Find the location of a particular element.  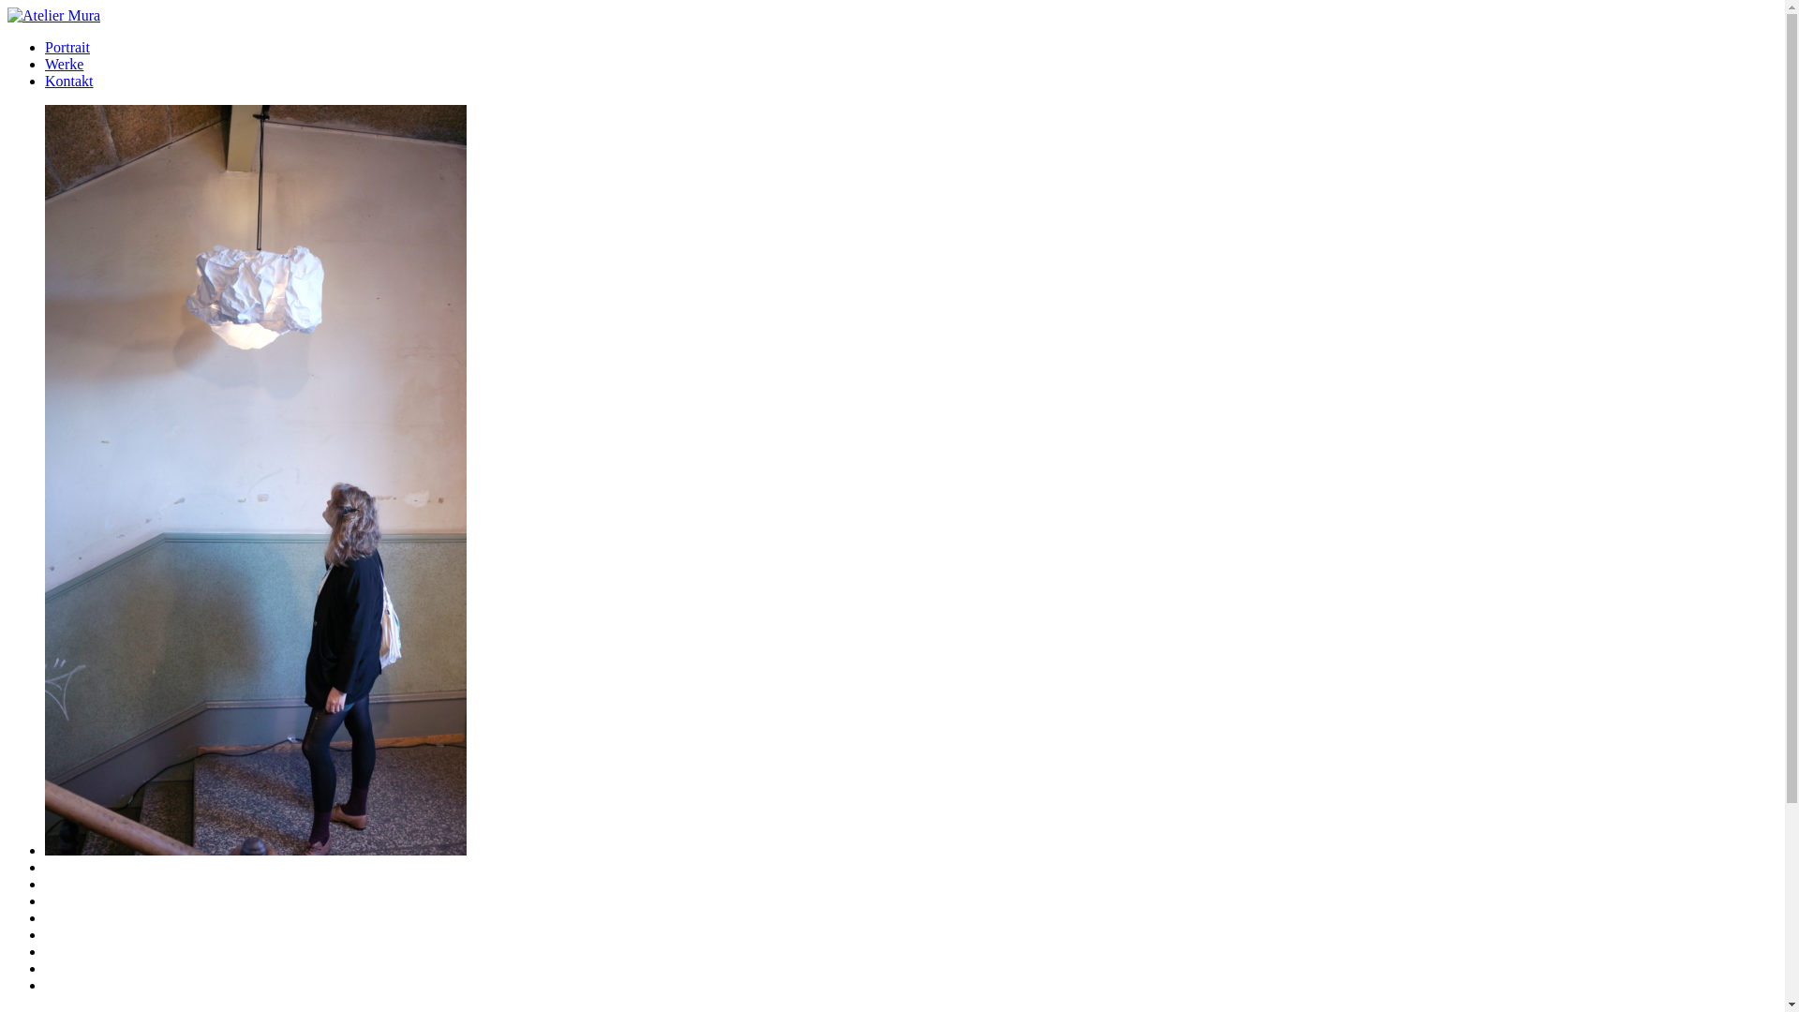

'Atelier Mura' is located at coordinates (53, 15).